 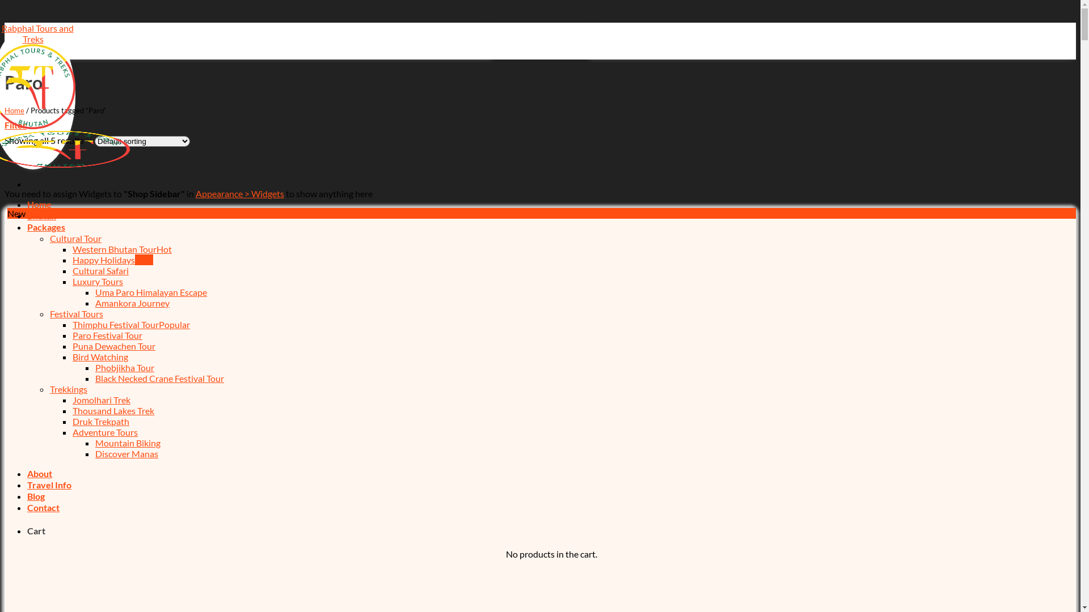 I want to click on 'Festival Tours', so click(x=75, y=313).